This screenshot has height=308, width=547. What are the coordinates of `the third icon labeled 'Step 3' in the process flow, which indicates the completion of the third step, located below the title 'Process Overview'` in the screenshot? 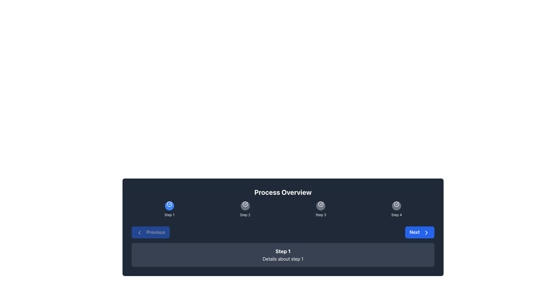 It's located at (321, 206).